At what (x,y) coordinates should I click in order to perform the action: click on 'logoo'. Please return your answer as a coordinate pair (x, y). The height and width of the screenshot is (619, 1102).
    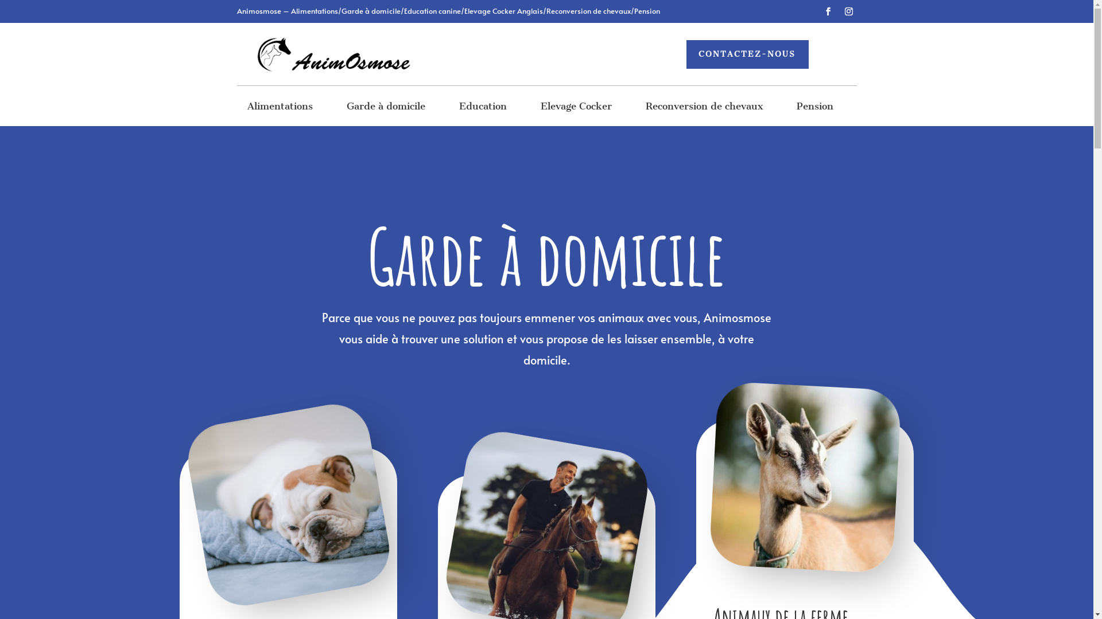
    Looking at the image, I should click on (331, 54).